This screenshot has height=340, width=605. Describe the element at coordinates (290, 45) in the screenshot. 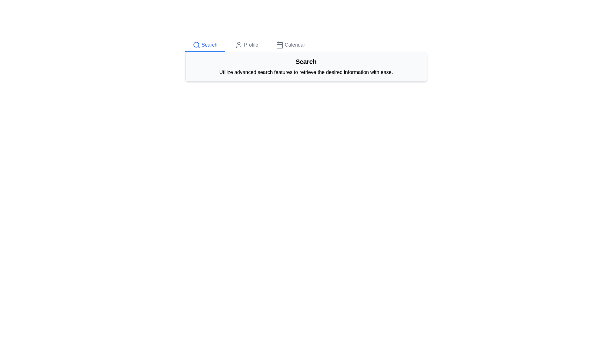

I see `the Calendar tab to view its content` at that location.